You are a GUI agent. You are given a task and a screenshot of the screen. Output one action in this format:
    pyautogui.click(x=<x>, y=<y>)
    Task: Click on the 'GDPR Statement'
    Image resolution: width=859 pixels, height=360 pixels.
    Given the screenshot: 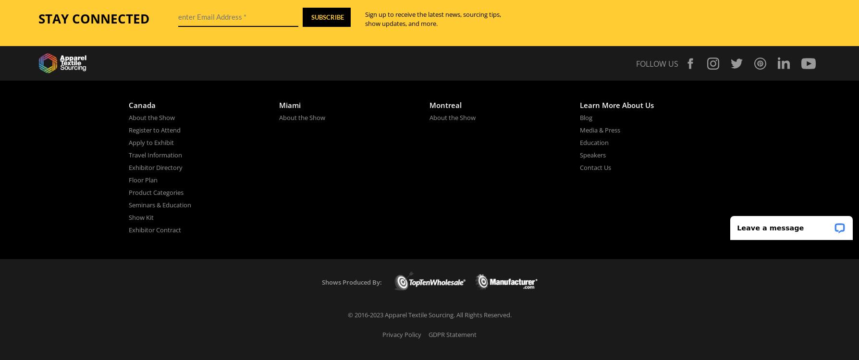 What is the action you would take?
    pyautogui.click(x=452, y=334)
    